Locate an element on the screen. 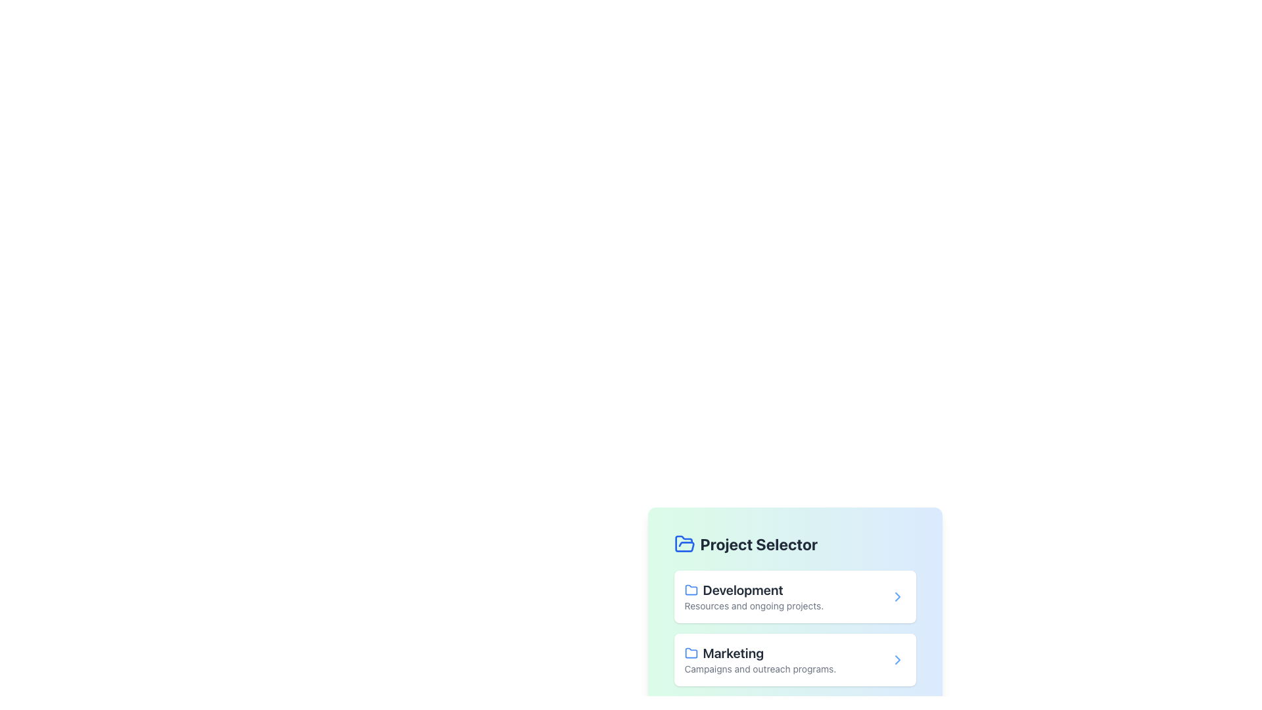 This screenshot has width=1262, height=710. the 'Marketing' text label with icon is located at coordinates (760, 653).